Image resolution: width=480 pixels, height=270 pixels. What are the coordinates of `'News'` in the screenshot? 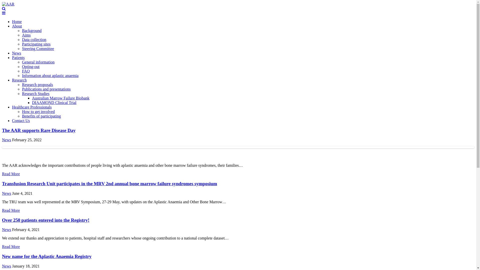 It's located at (2, 266).